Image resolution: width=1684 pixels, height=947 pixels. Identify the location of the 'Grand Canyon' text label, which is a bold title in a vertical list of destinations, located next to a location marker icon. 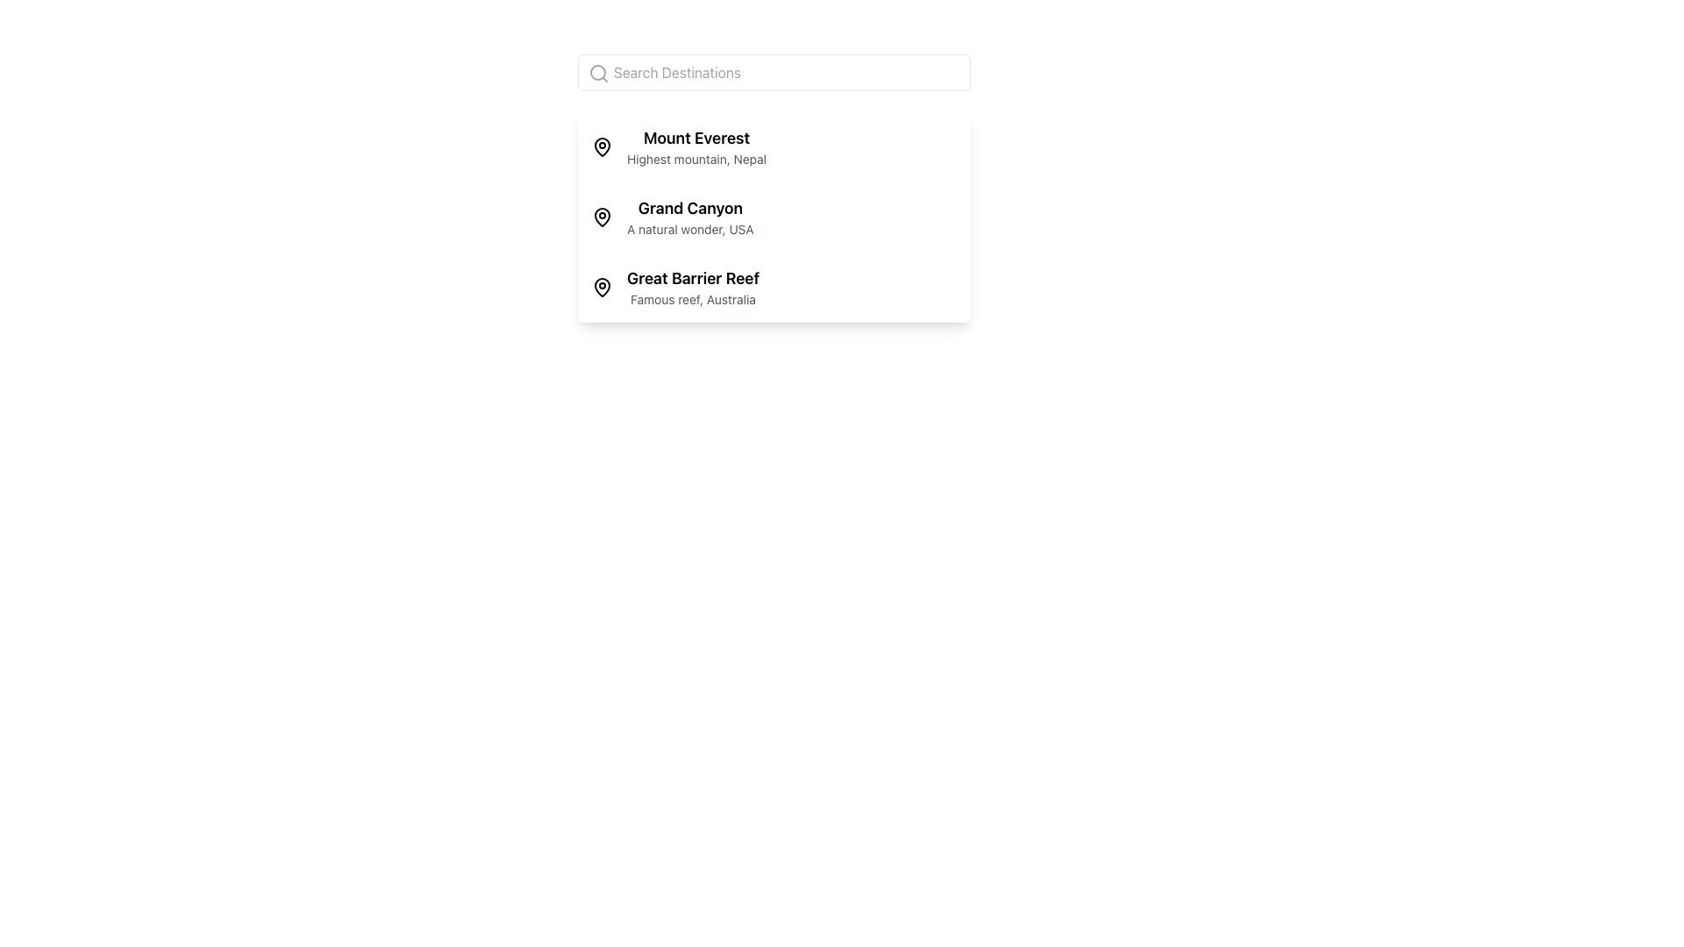
(689, 208).